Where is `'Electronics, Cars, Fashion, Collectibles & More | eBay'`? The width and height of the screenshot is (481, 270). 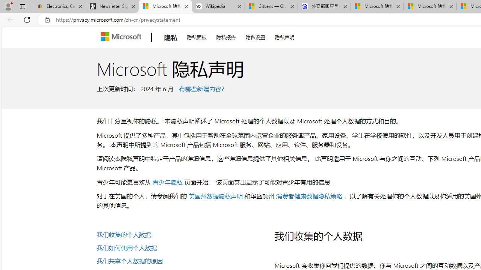
'Electronics, Cars, Fashion, Collectibles & More | eBay' is located at coordinates (59, 6).